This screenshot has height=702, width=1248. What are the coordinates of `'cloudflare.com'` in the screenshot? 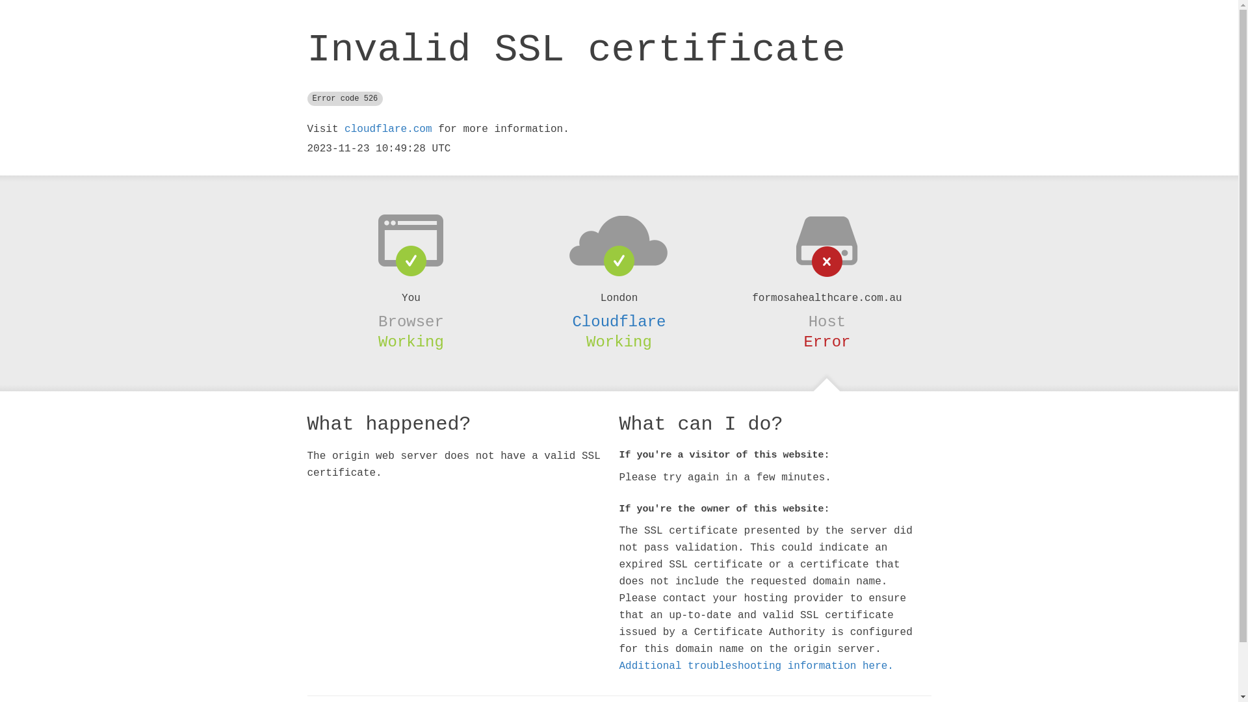 It's located at (344, 129).